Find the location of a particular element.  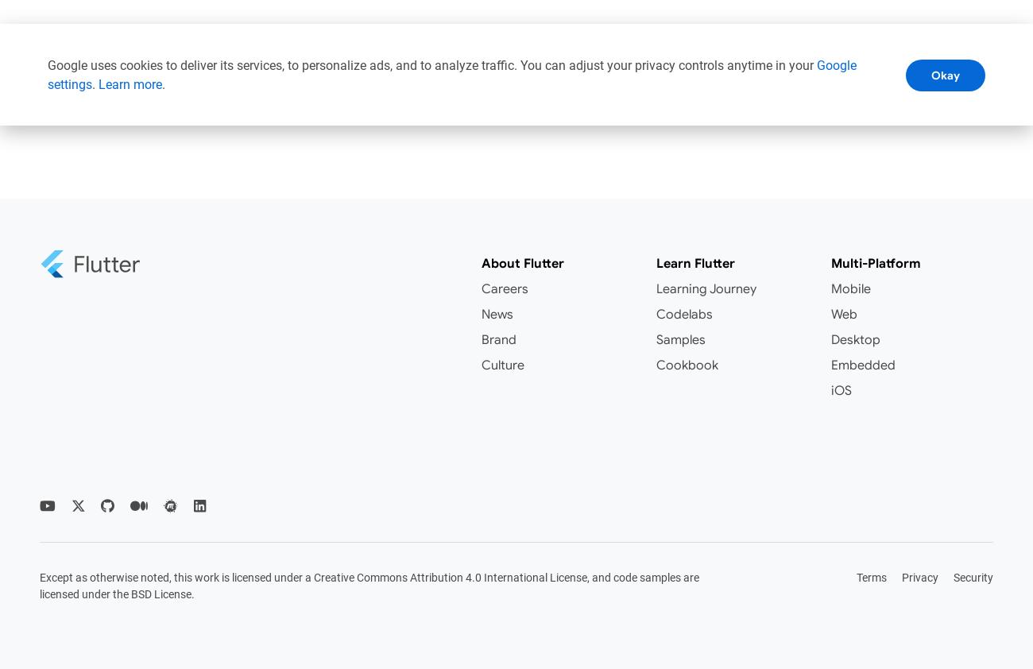

'Except as otherwise noted, this work is licensed under a Creative Commons
      Attribution 4.0 International License, and code samples are licensed under
      the BSD License.' is located at coordinates (39, 585).